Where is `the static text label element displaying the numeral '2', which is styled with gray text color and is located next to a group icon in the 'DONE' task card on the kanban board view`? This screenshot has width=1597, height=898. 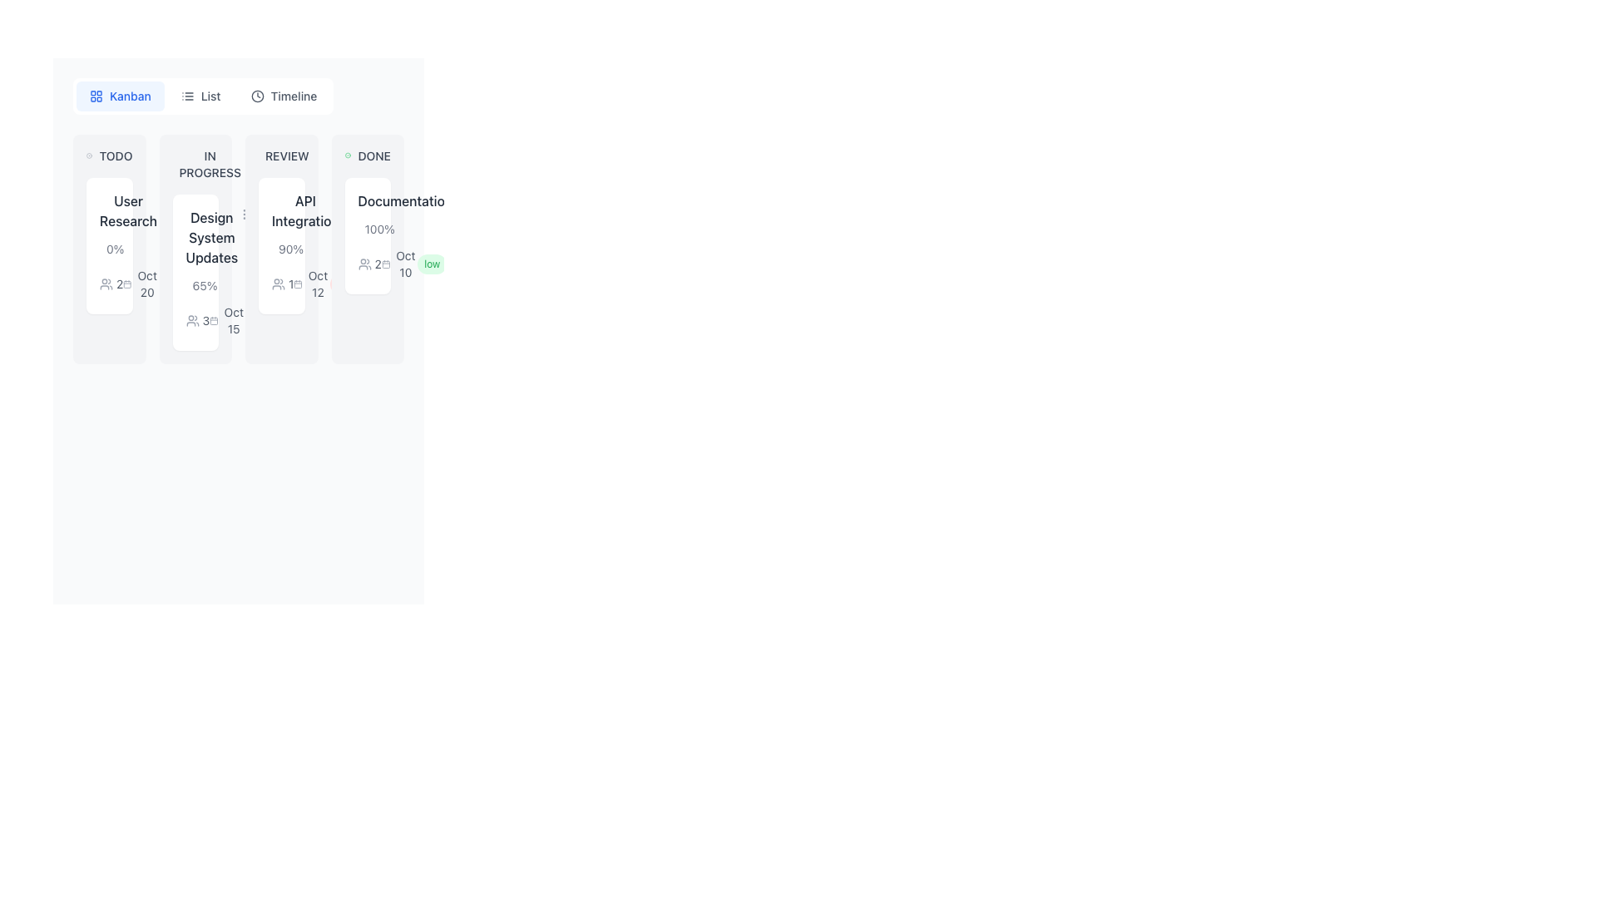
the static text label element displaying the numeral '2', which is styled with gray text color and is located next to a group icon in the 'DONE' task card on the kanban board view is located at coordinates (377, 263).